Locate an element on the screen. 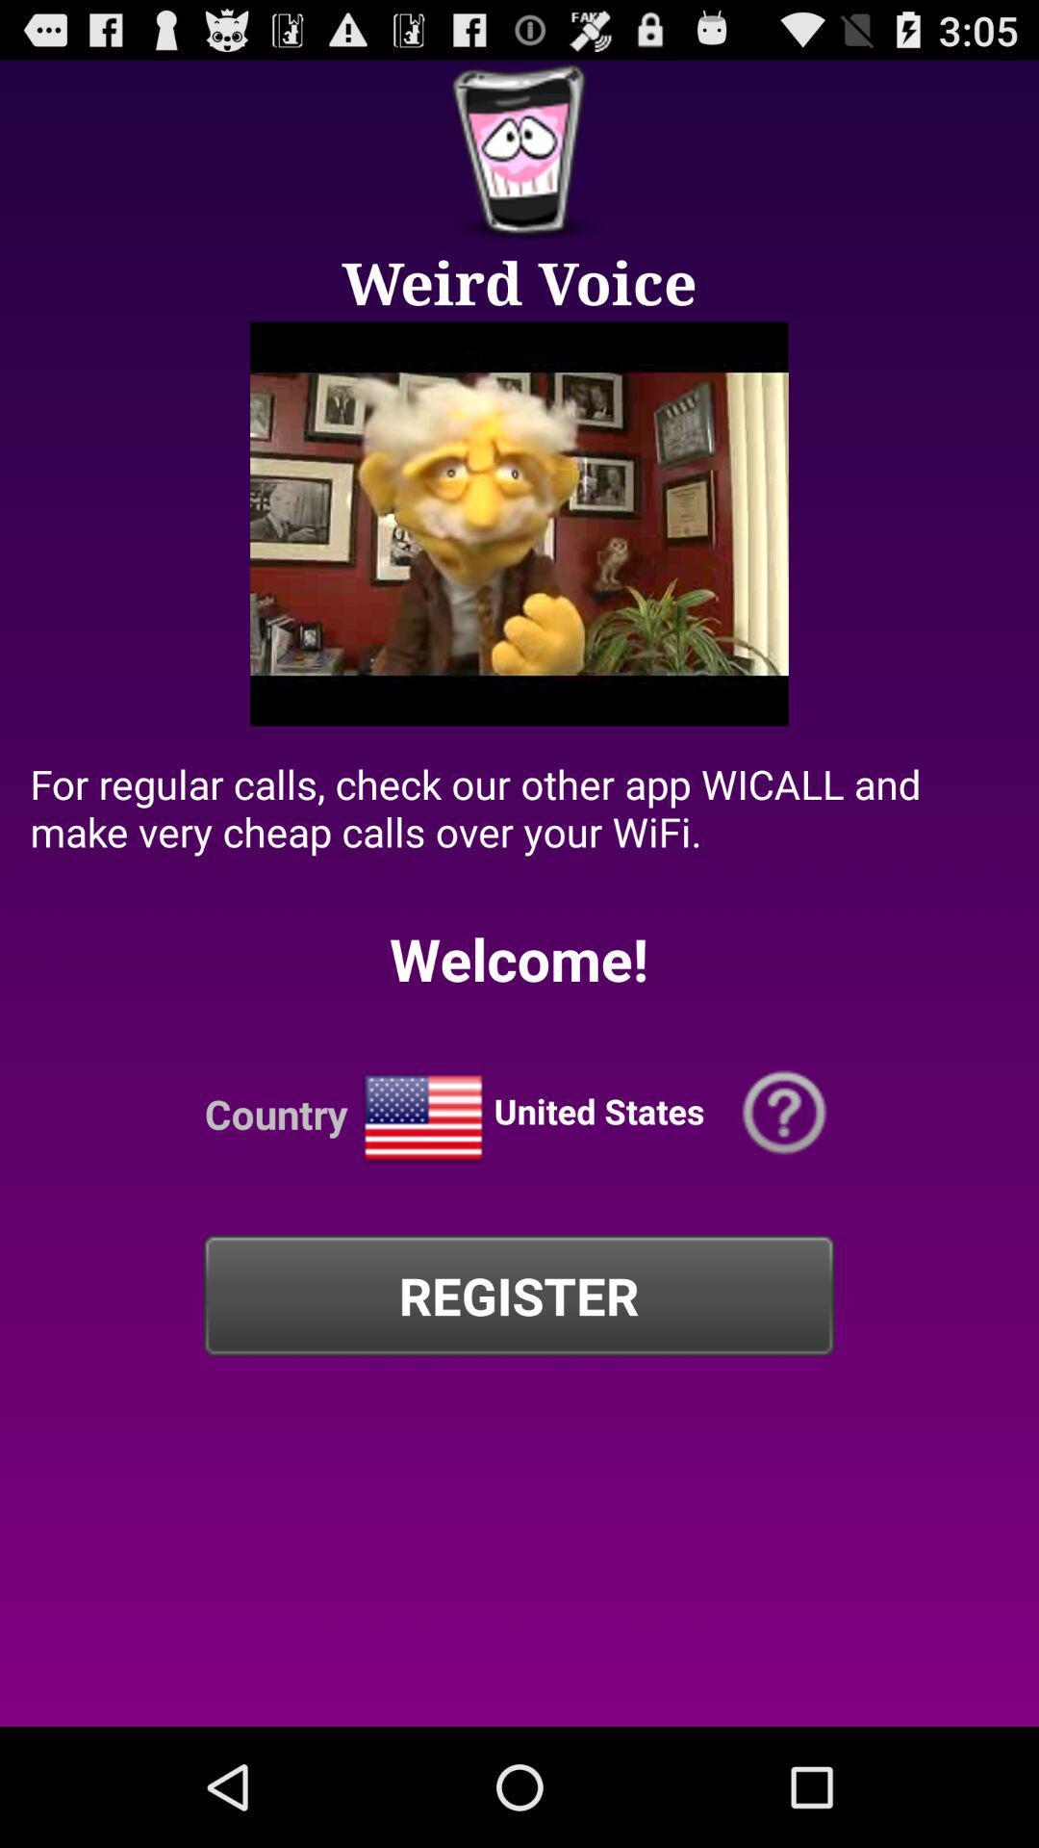 The width and height of the screenshot is (1039, 1848). opens help menu is located at coordinates (784, 1114).